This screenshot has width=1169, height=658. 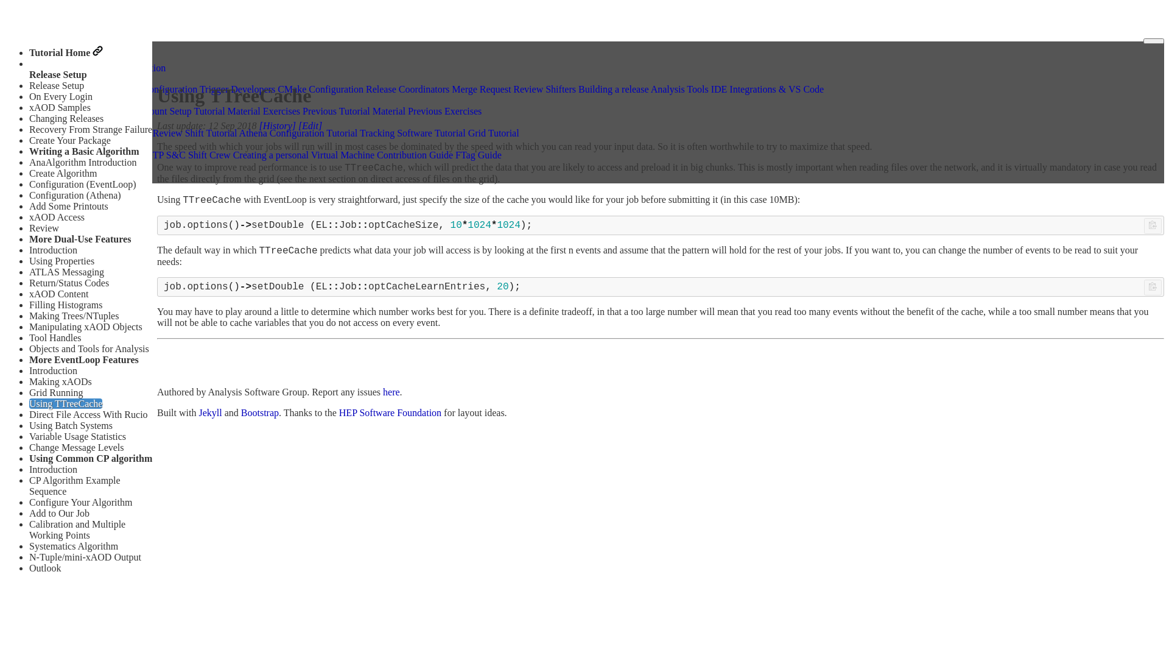 I want to click on 'Introduction', so click(x=29, y=469).